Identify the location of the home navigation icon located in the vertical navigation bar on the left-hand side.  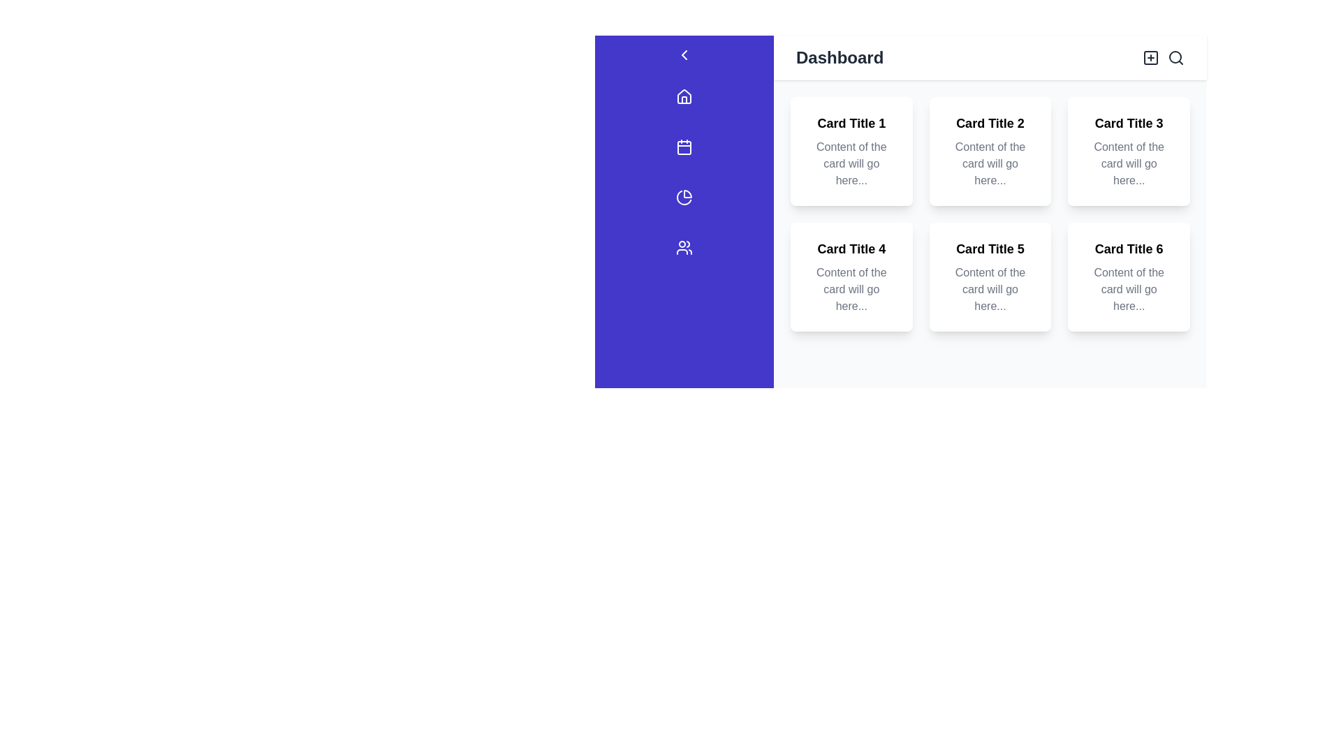
(684, 99).